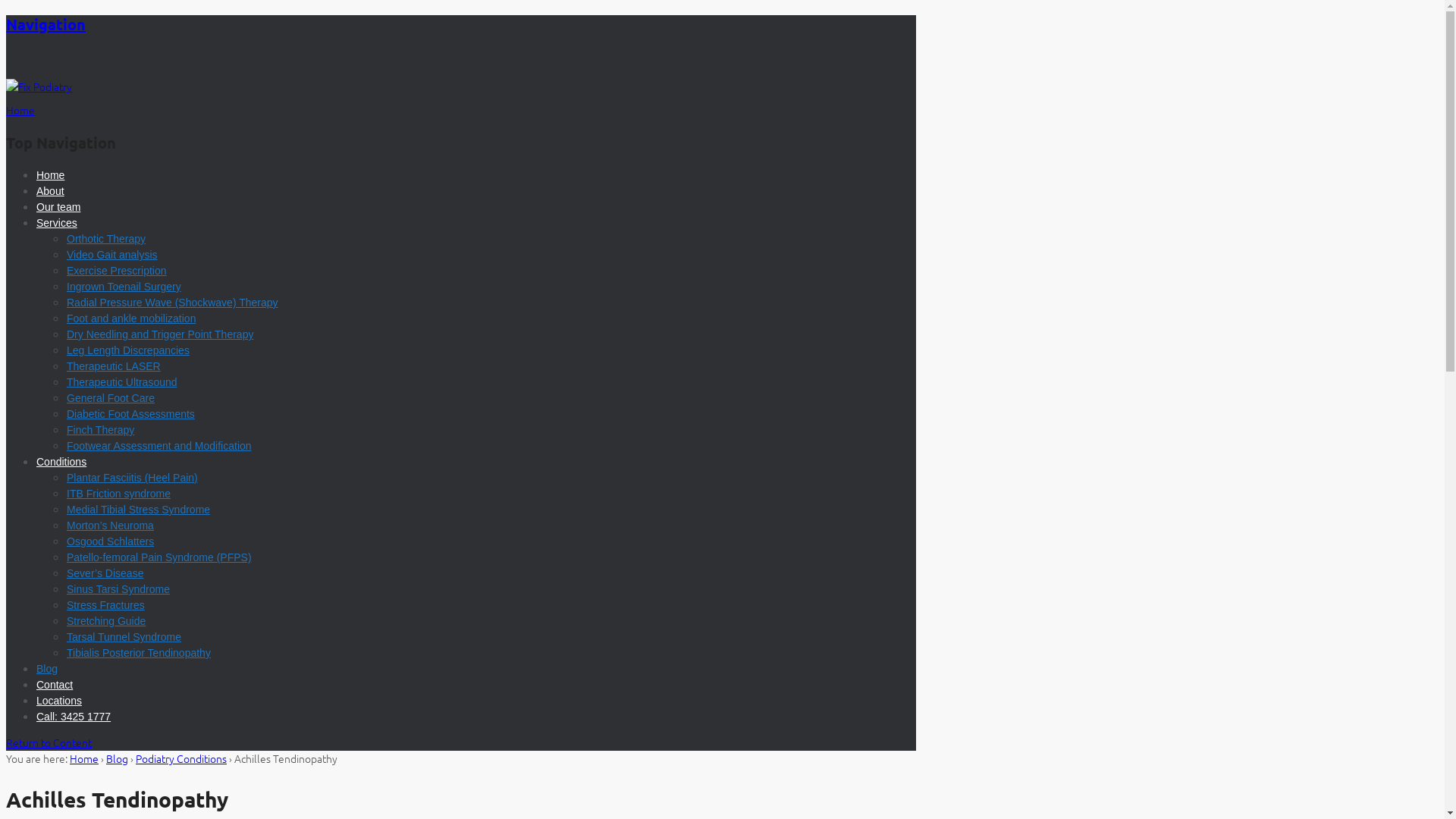 This screenshot has width=1456, height=819. Describe the element at coordinates (61, 461) in the screenshot. I see `'Conditions'` at that location.